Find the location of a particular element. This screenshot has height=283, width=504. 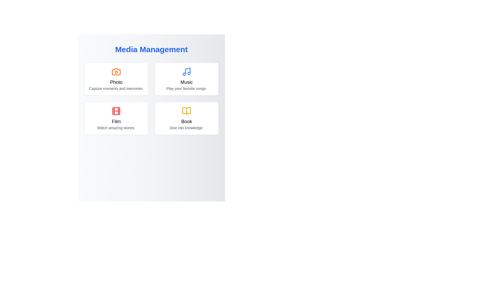

the open book icon, which is styled with a yellow color and located above the text 'Book' and to the left of 'Dive into knowledge.' is located at coordinates (186, 111).